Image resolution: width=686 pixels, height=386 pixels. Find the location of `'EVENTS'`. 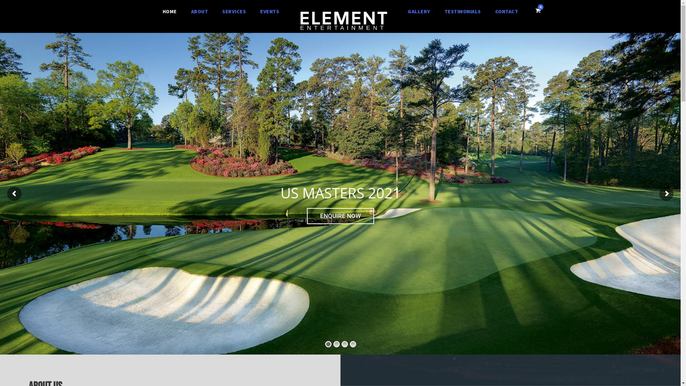

'EVENTS' is located at coordinates (269, 12).